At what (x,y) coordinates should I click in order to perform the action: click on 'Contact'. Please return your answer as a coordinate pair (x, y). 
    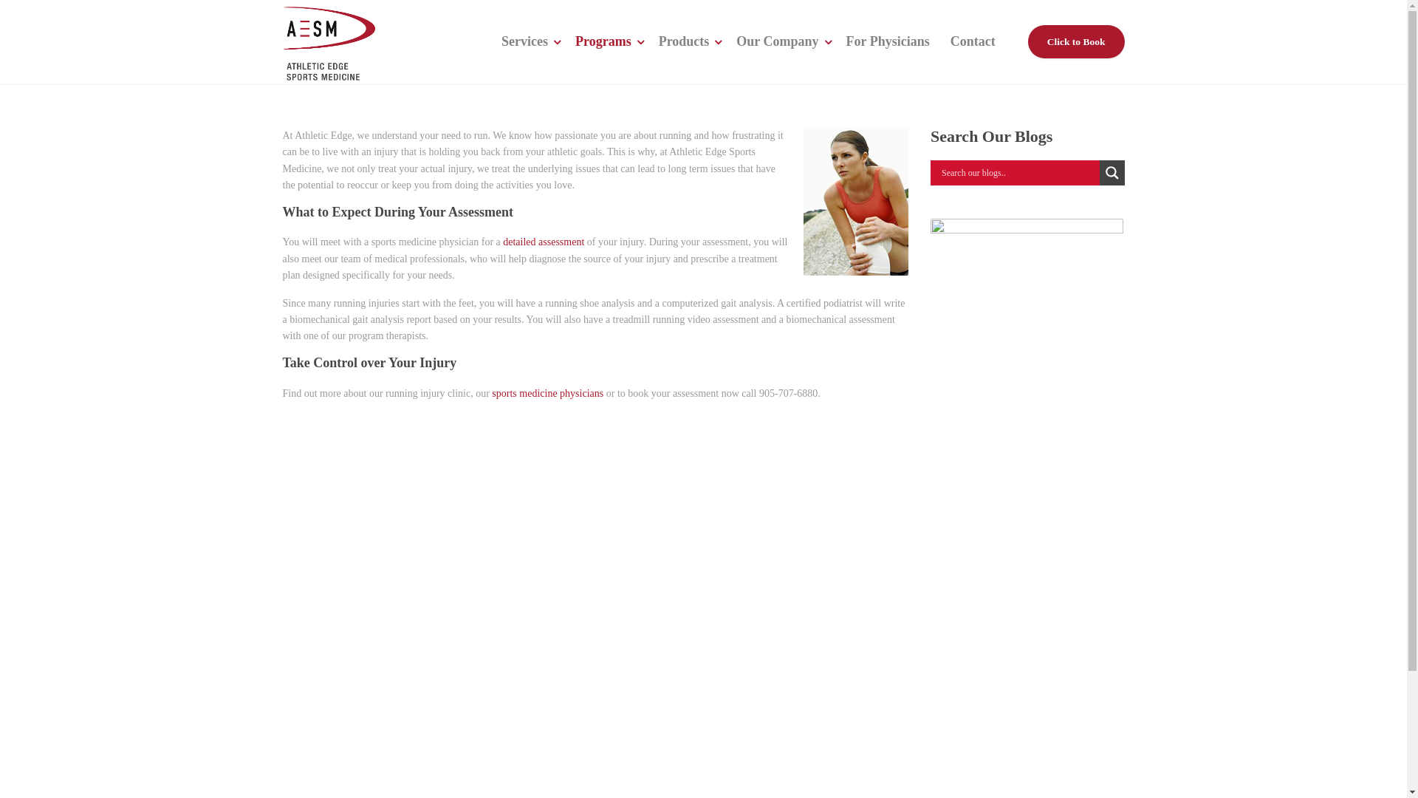
    Looking at the image, I should click on (973, 41).